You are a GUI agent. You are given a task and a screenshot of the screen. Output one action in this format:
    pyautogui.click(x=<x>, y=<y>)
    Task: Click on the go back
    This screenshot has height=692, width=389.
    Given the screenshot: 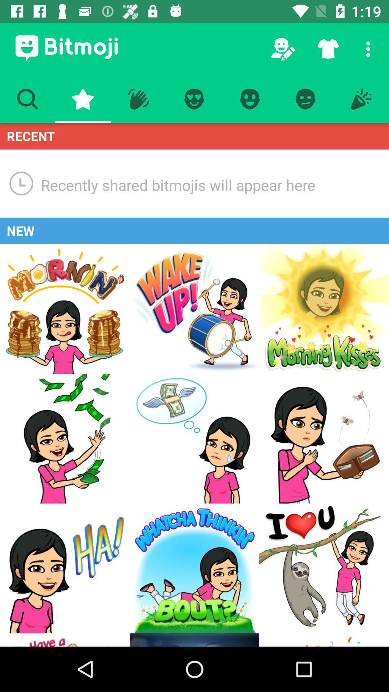 What is the action you would take?
    pyautogui.click(x=65, y=640)
    